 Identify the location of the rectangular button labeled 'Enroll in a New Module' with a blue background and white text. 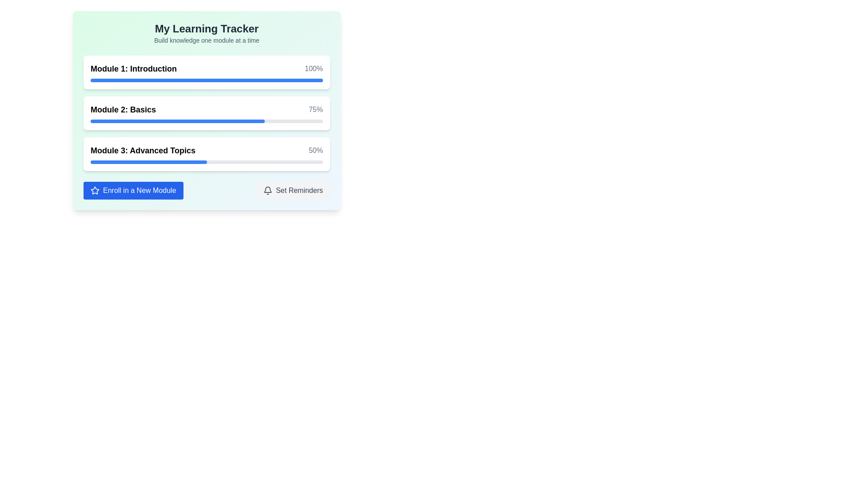
(133, 190).